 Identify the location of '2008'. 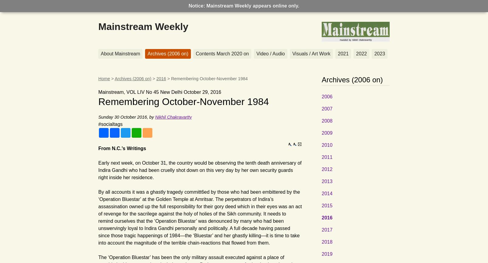
(327, 120).